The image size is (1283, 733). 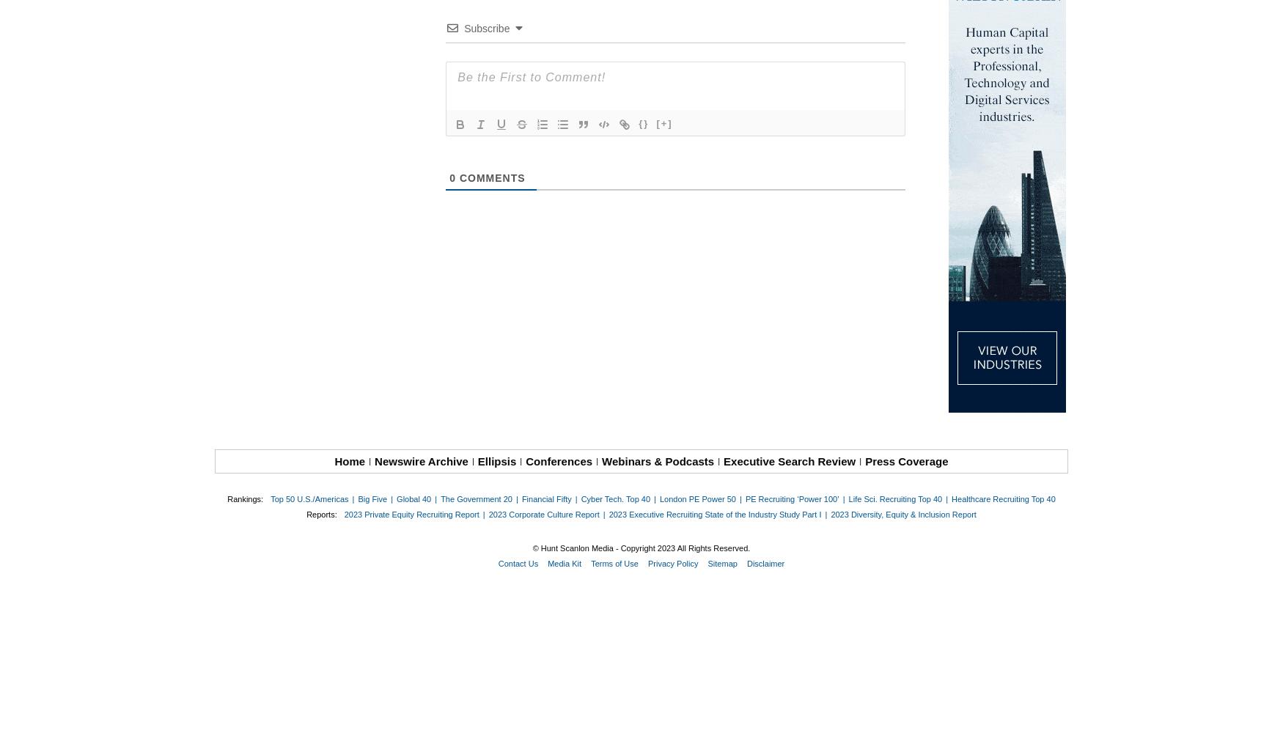 What do you see at coordinates (615, 499) in the screenshot?
I see `'Cyber Tech. Top 40'` at bounding box center [615, 499].